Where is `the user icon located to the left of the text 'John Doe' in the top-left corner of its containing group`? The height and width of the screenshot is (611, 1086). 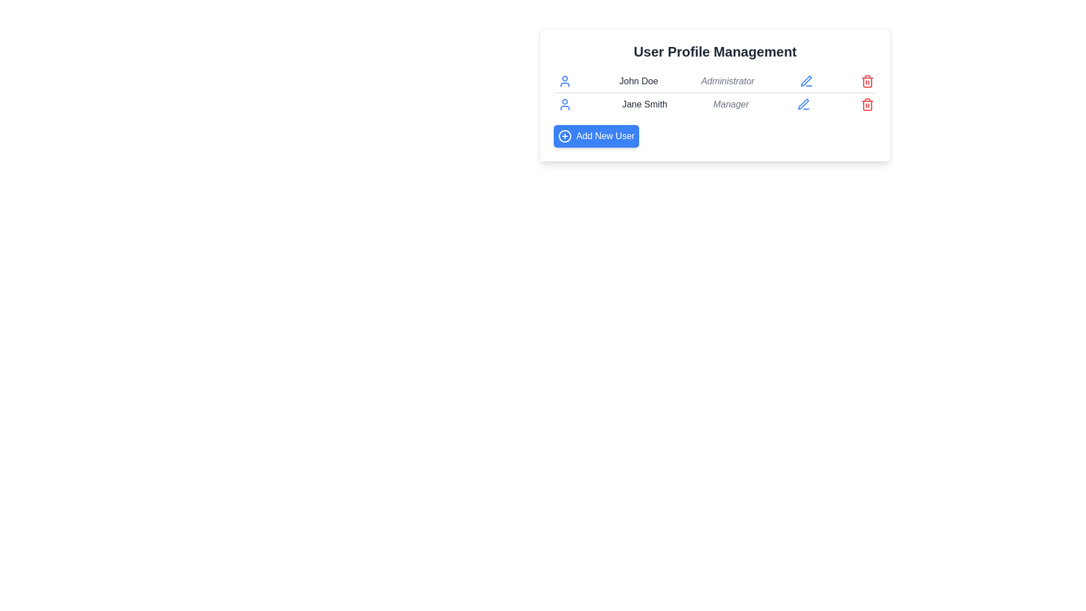
the user icon located to the left of the text 'John Doe' in the top-left corner of its containing group is located at coordinates (564, 80).